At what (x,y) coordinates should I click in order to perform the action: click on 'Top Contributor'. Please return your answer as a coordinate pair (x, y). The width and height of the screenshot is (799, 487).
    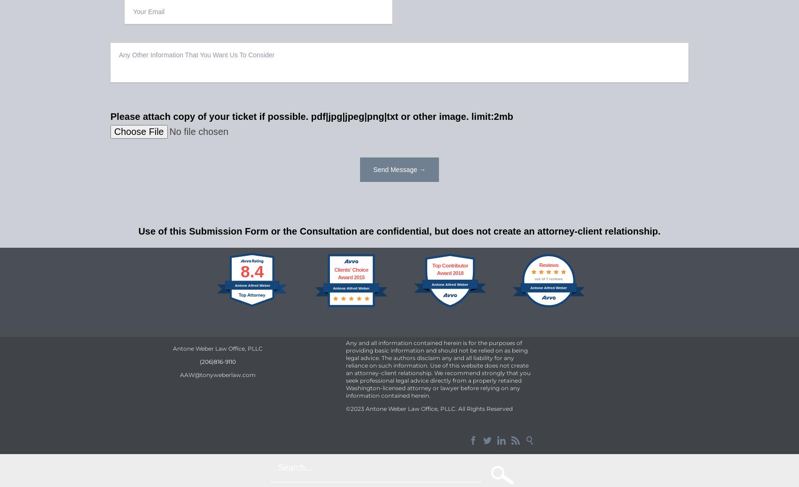
    Looking at the image, I should click on (449, 266).